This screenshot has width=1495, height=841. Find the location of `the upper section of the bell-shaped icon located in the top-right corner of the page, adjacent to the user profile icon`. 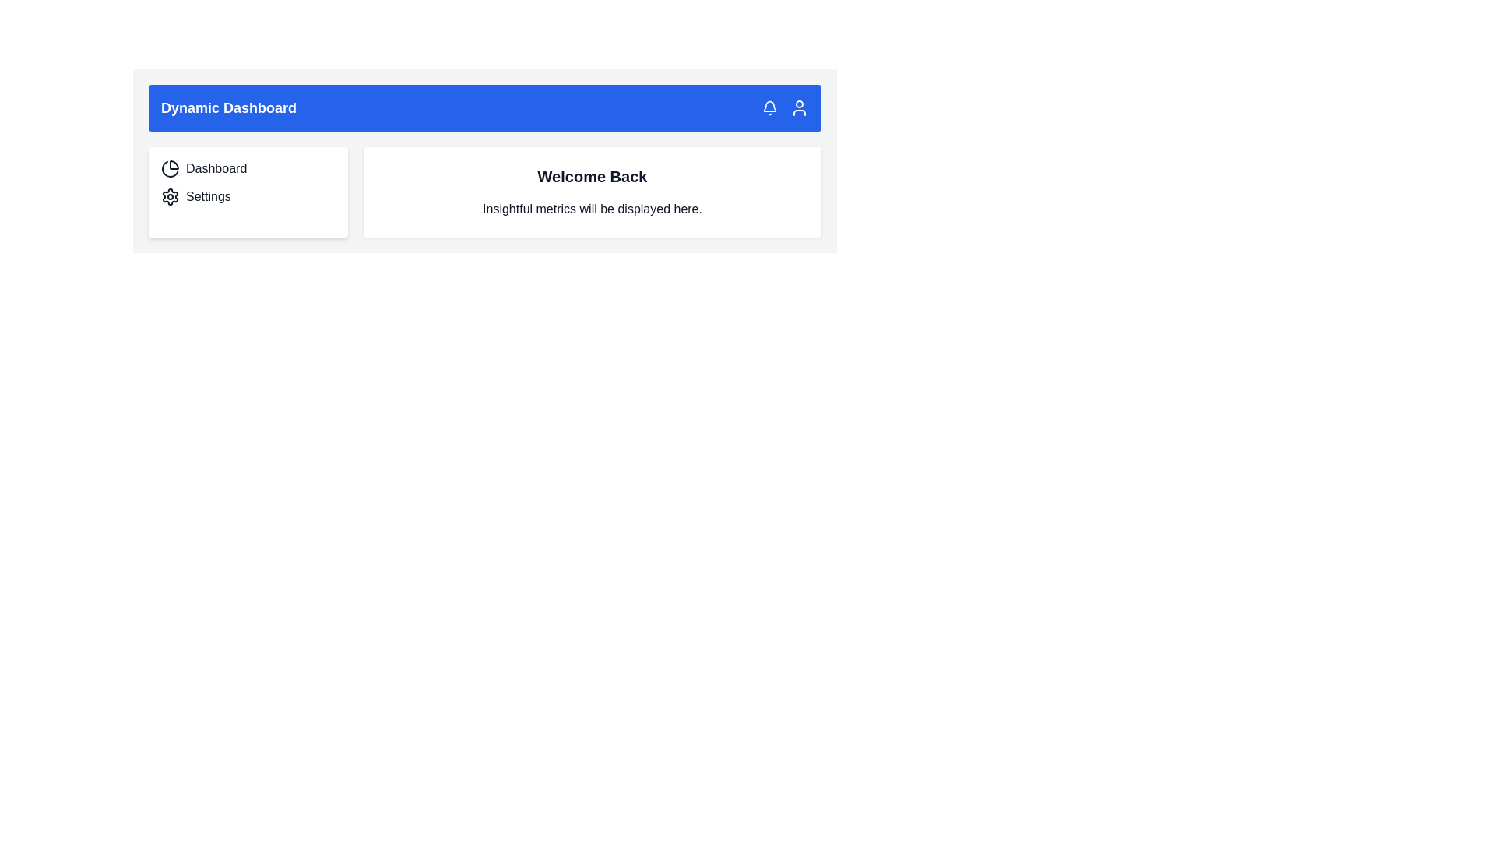

the upper section of the bell-shaped icon located in the top-right corner of the page, adjacent to the user profile icon is located at coordinates (769, 105).